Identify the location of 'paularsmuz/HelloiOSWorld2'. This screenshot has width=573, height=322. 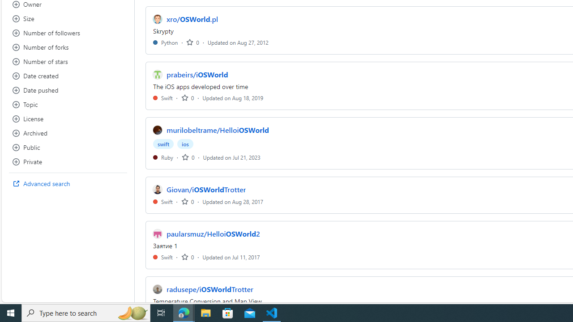
(213, 233).